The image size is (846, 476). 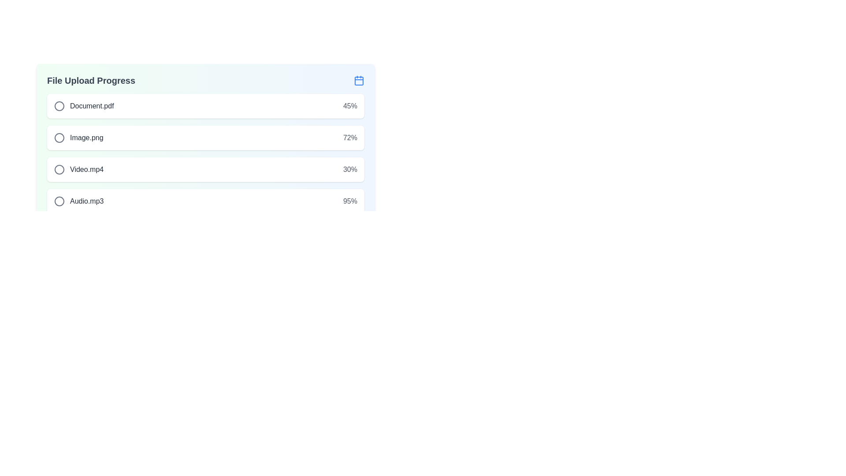 What do you see at coordinates (350, 201) in the screenshot?
I see `the text label displaying '95%' that indicates the upload progress of 'Audio.mp3.'` at bounding box center [350, 201].